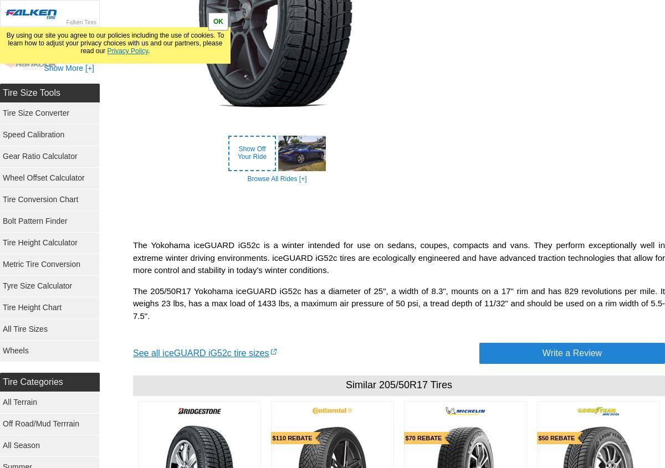 This screenshot has height=468, width=665. I want to click on 'Tyre Size Calculator', so click(37, 285).